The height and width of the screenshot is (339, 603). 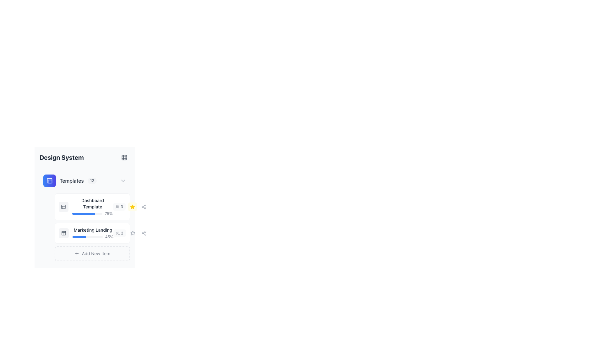 I want to click on the second card, so click(x=92, y=233).